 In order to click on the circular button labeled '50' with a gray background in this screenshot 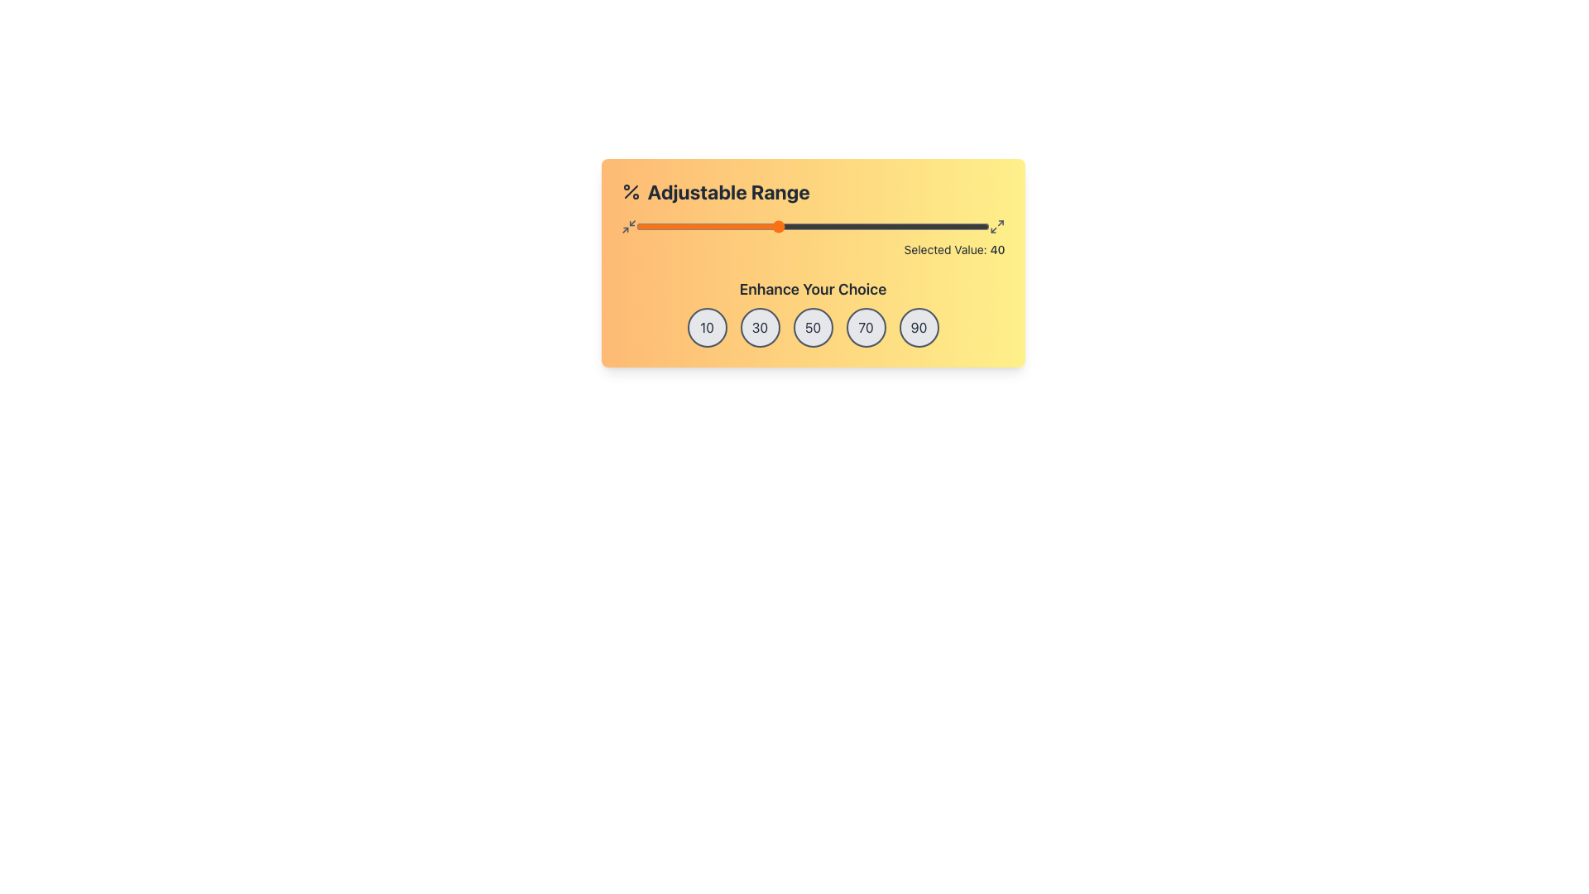, I will do `click(813, 328)`.